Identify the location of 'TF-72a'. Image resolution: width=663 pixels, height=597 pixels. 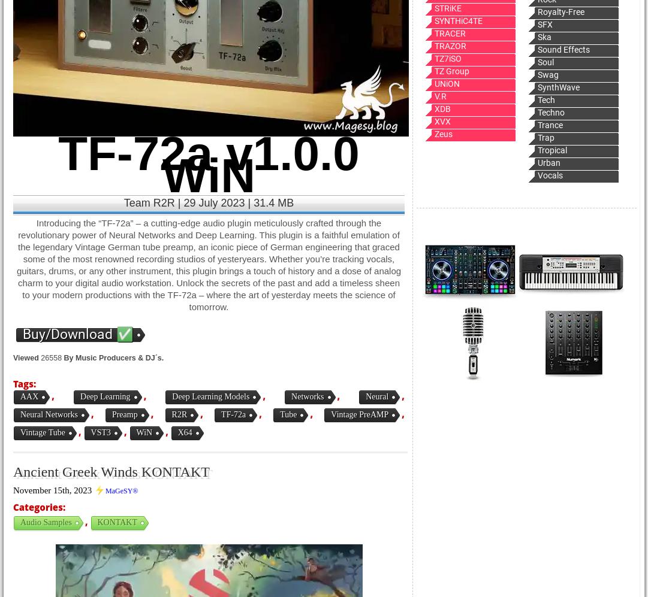
(233, 414).